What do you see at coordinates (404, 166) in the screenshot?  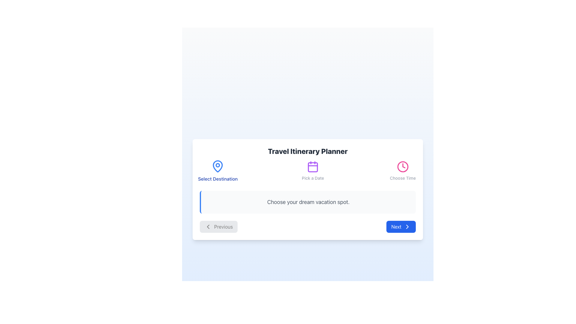 I see `the decorative SVG pointer element that indicates time within the clock graphic in the 'Choose Time' section header` at bounding box center [404, 166].